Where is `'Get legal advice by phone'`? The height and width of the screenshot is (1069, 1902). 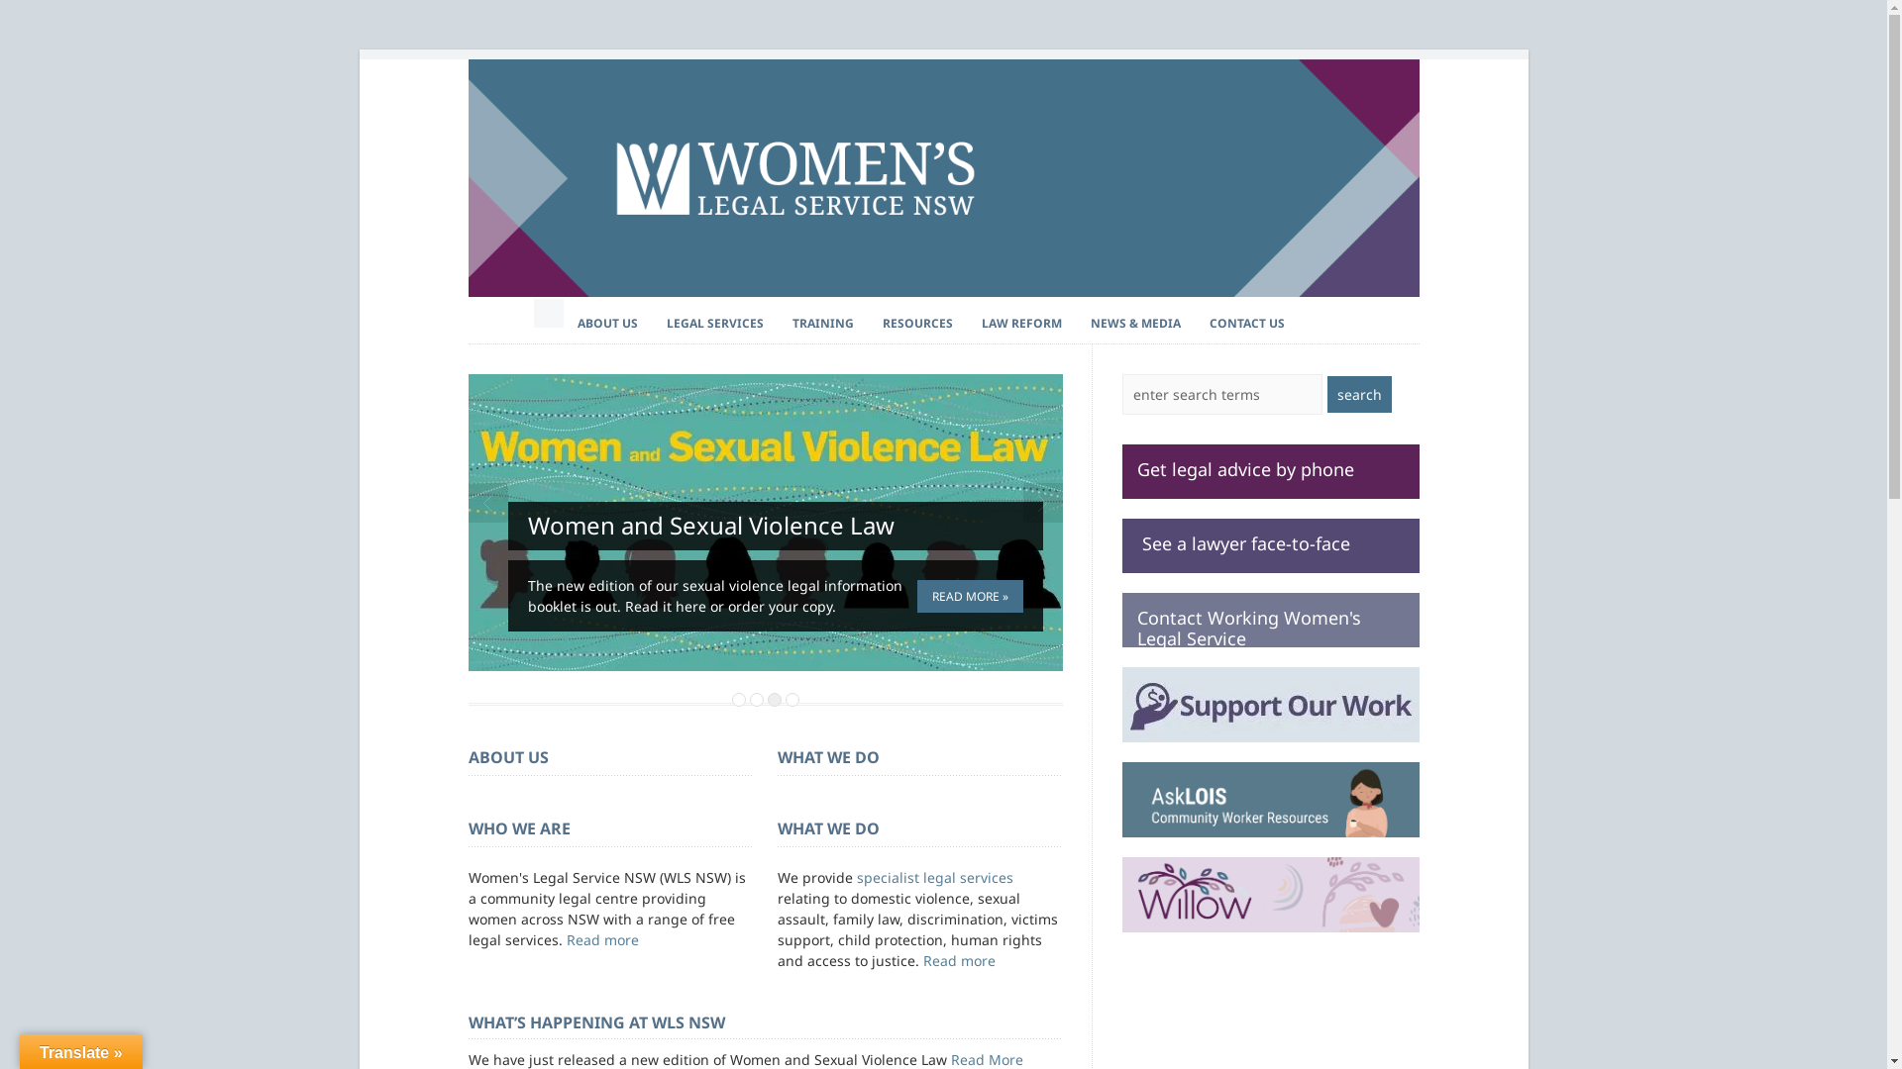
'Get legal advice by phone' is located at coordinates (1269, 471).